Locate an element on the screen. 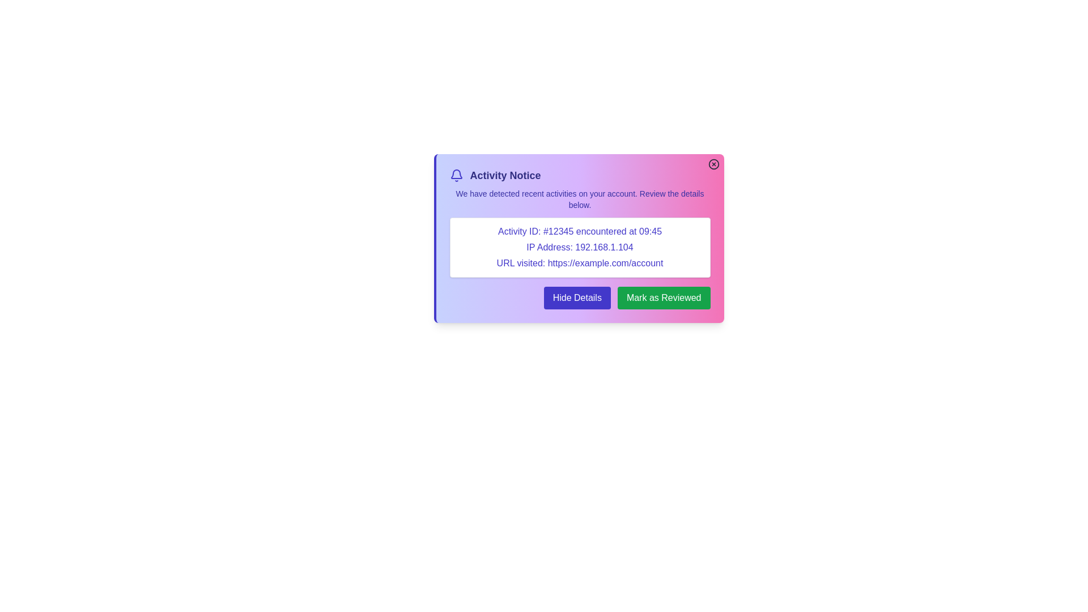  the close button in the top-right corner of the alert is located at coordinates (713, 164).